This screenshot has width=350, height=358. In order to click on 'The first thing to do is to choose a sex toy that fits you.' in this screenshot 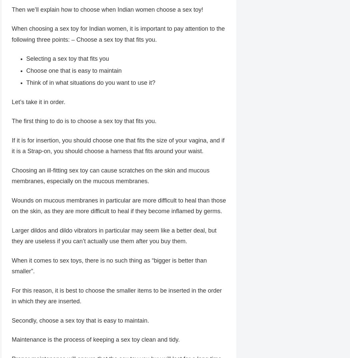, I will do `click(11, 121)`.